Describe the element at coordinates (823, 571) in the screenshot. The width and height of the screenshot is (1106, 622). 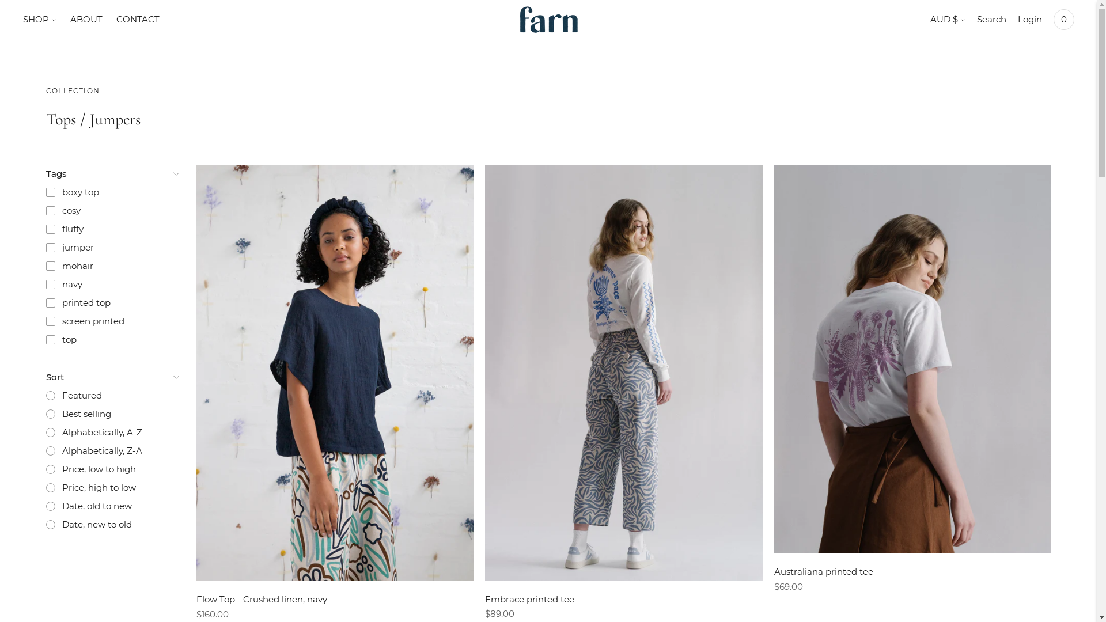
I see `'Australiana printed tee'` at that location.